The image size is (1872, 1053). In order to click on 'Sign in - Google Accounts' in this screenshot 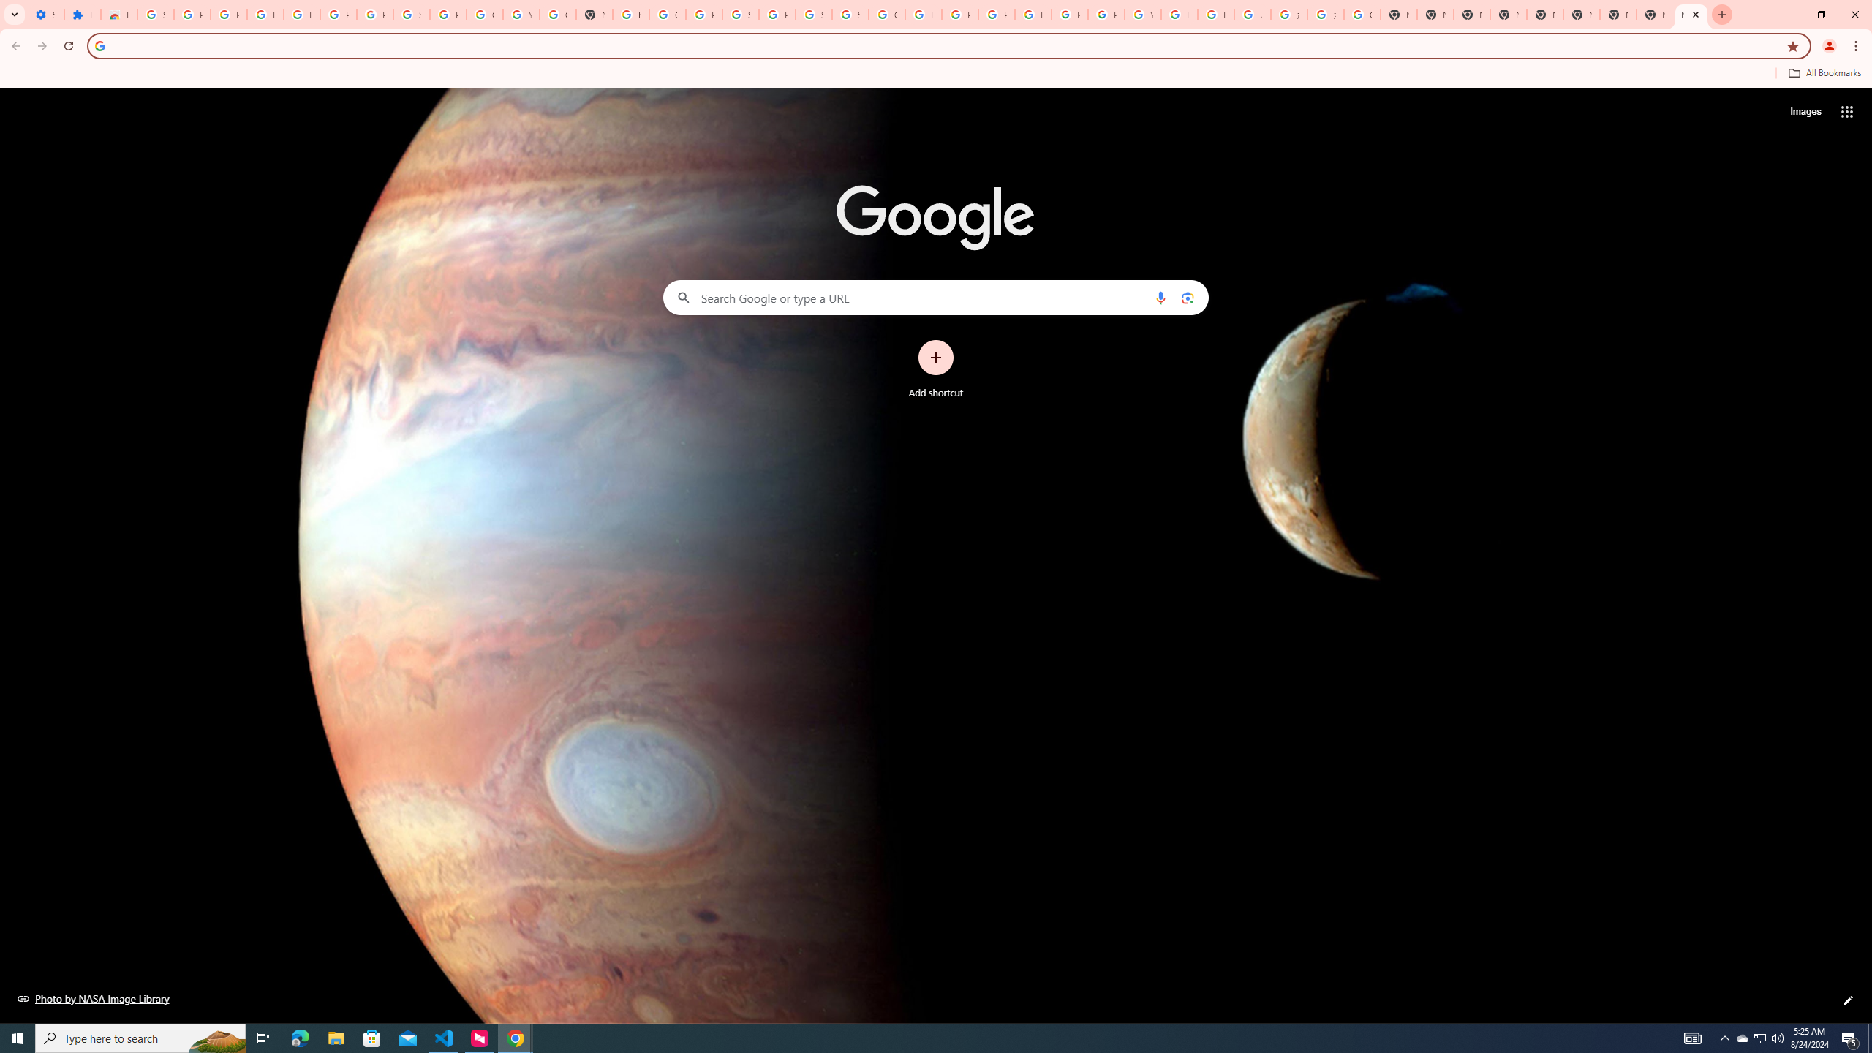, I will do `click(154, 14)`.